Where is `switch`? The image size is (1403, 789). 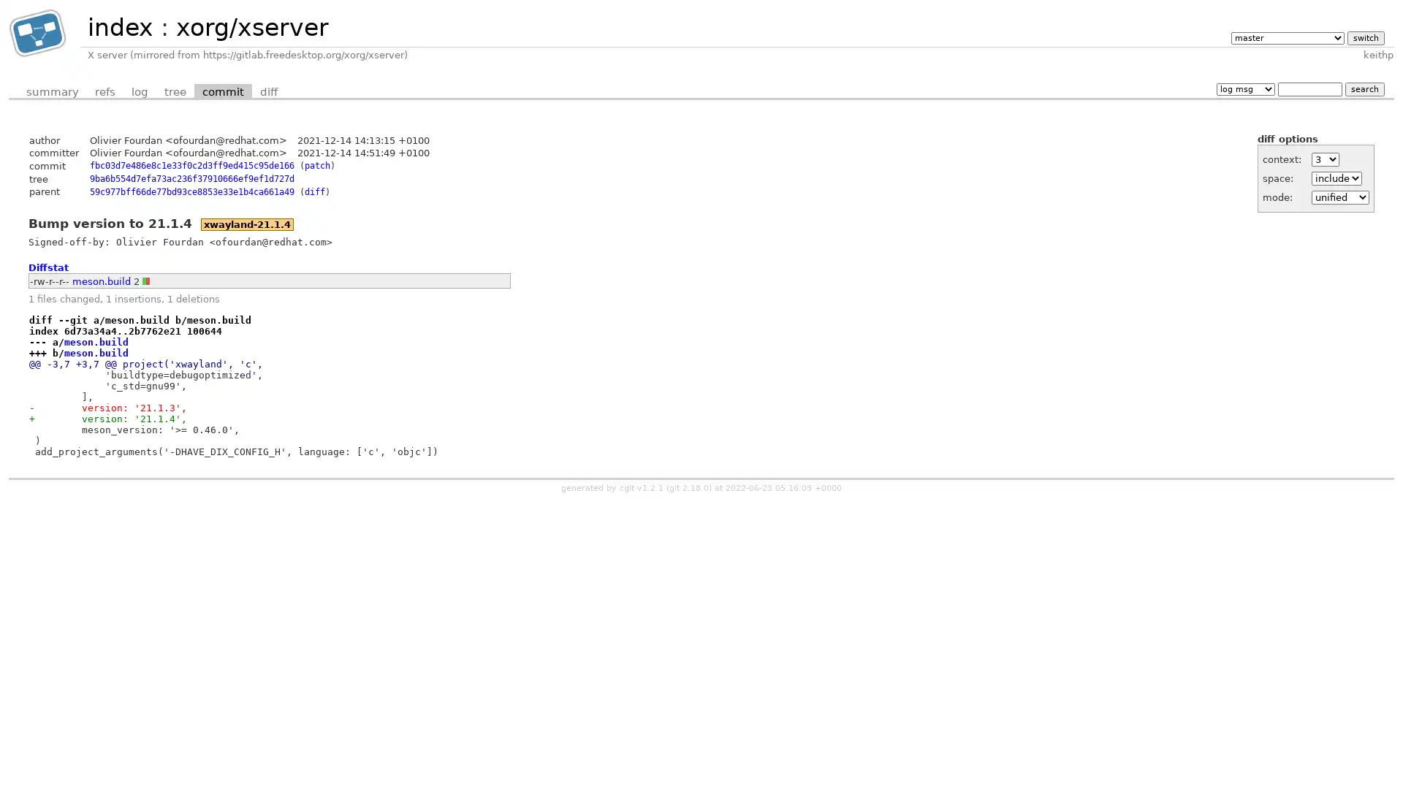
switch is located at coordinates (1364, 37).